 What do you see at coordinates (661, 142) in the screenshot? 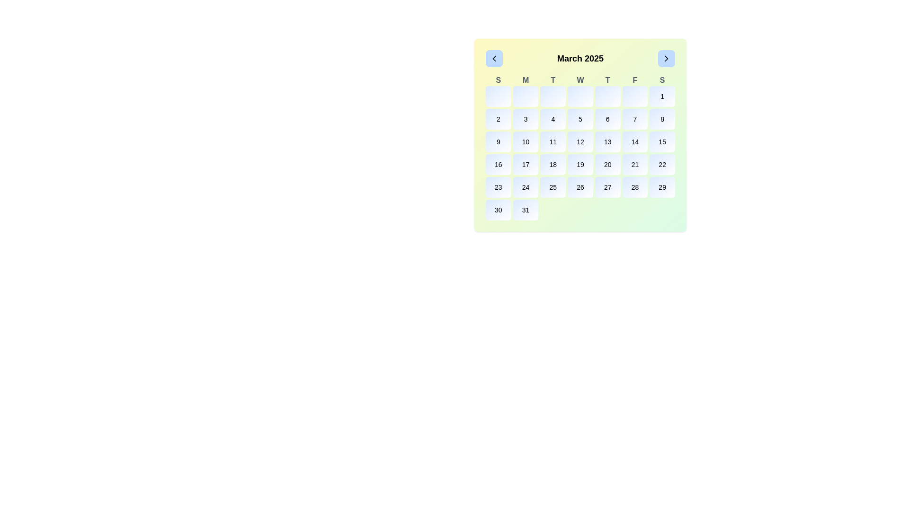
I see `the button labeled '15' in the monthly calendar view` at bounding box center [661, 142].